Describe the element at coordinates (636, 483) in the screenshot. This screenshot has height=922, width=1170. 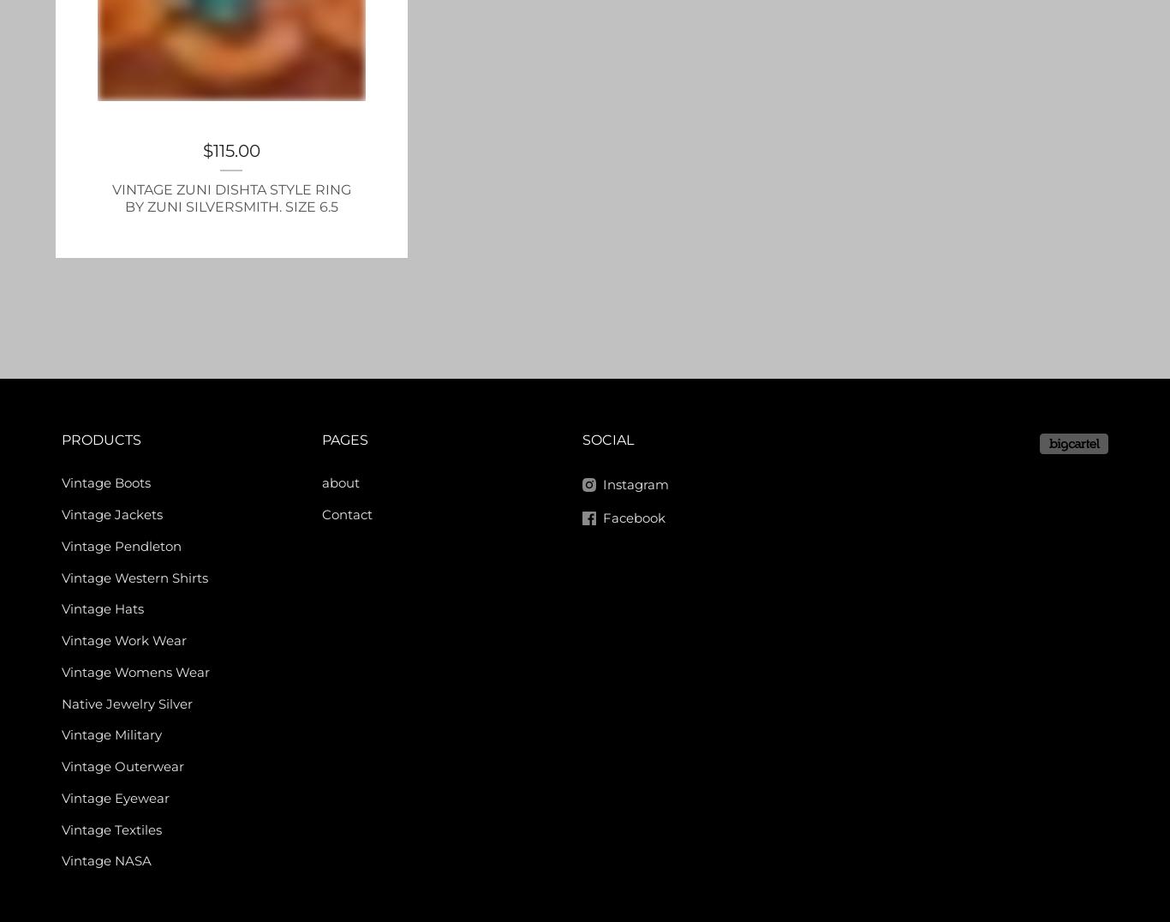
I see `'Instagram'` at that location.